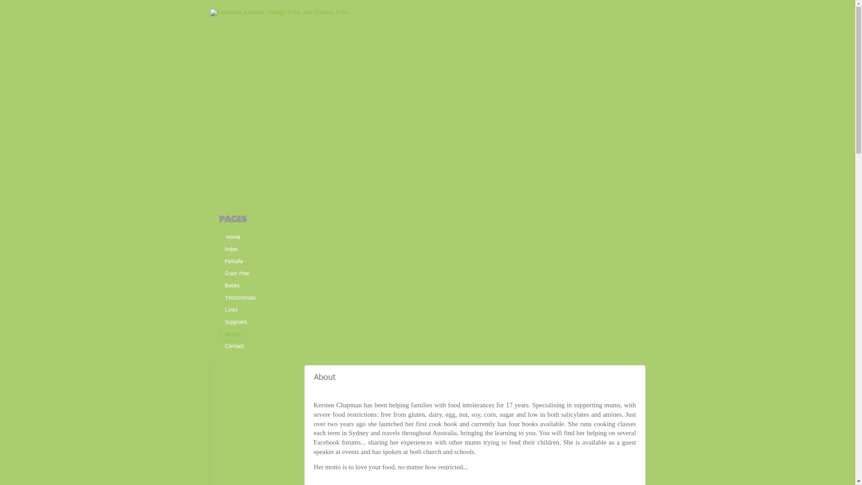 This screenshot has height=485, width=862. What do you see at coordinates (234, 261) in the screenshot?
I see `'Failsafe'` at bounding box center [234, 261].